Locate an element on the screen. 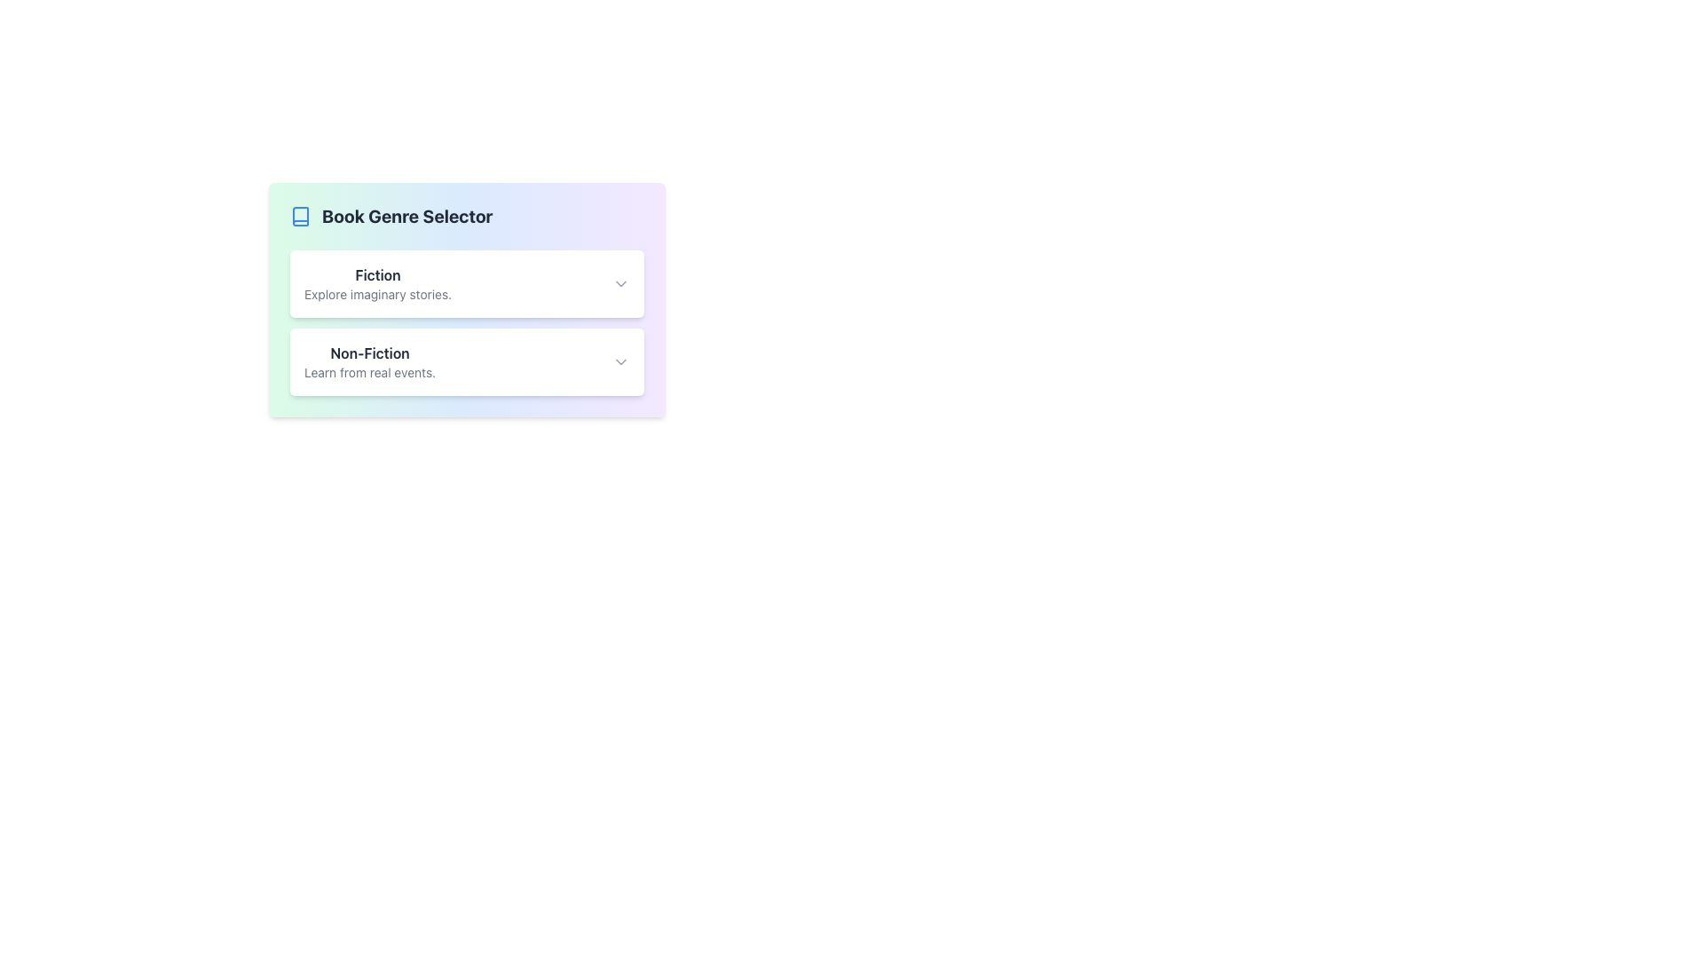  the Dropdown toggle icon on the far-right side of the 'Fiction' area is located at coordinates (621, 283).